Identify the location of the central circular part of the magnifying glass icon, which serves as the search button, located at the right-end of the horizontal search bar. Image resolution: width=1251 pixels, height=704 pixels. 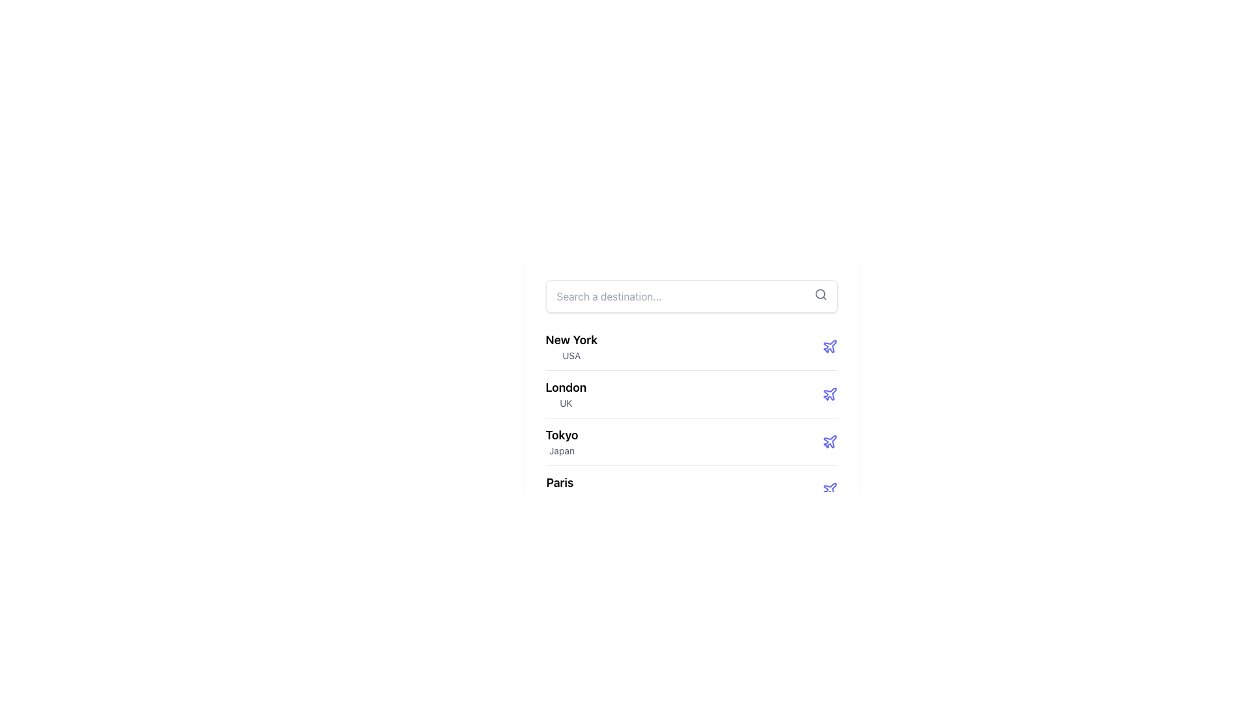
(819, 294).